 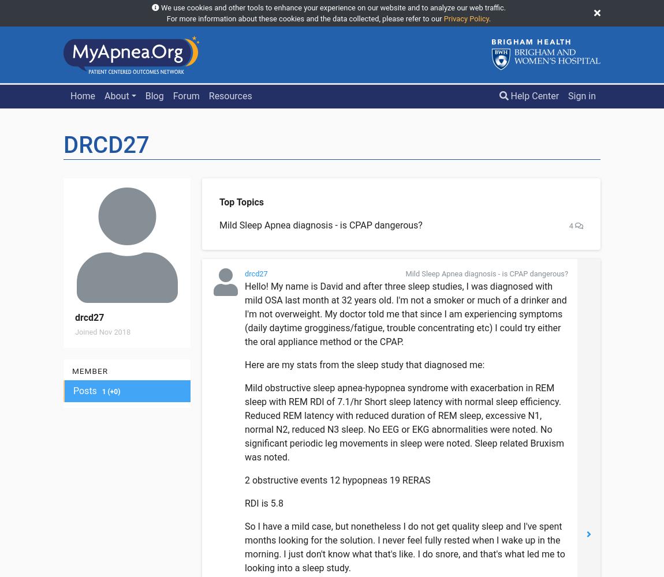 I want to click on 'Forum', so click(x=186, y=96).